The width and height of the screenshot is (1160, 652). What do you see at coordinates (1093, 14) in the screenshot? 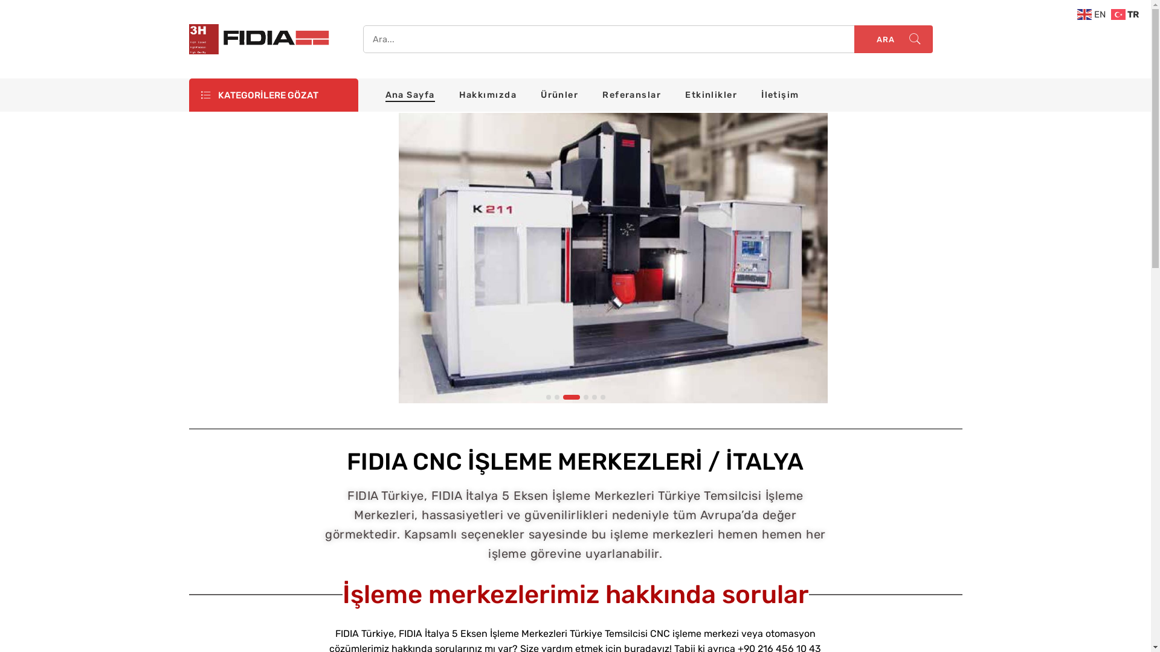
I see `'EN'` at bounding box center [1093, 14].